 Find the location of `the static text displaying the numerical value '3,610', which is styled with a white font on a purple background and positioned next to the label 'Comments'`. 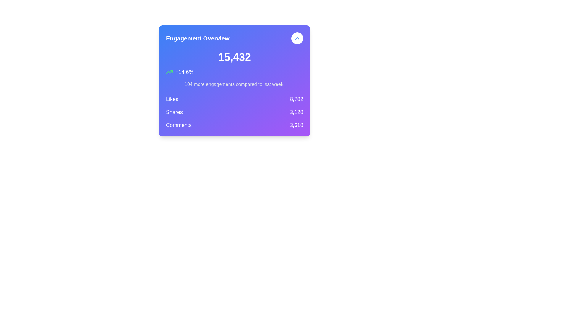

the static text displaying the numerical value '3,610', which is styled with a white font on a purple background and positioned next to the label 'Comments' is located at coordinates (296, 125).